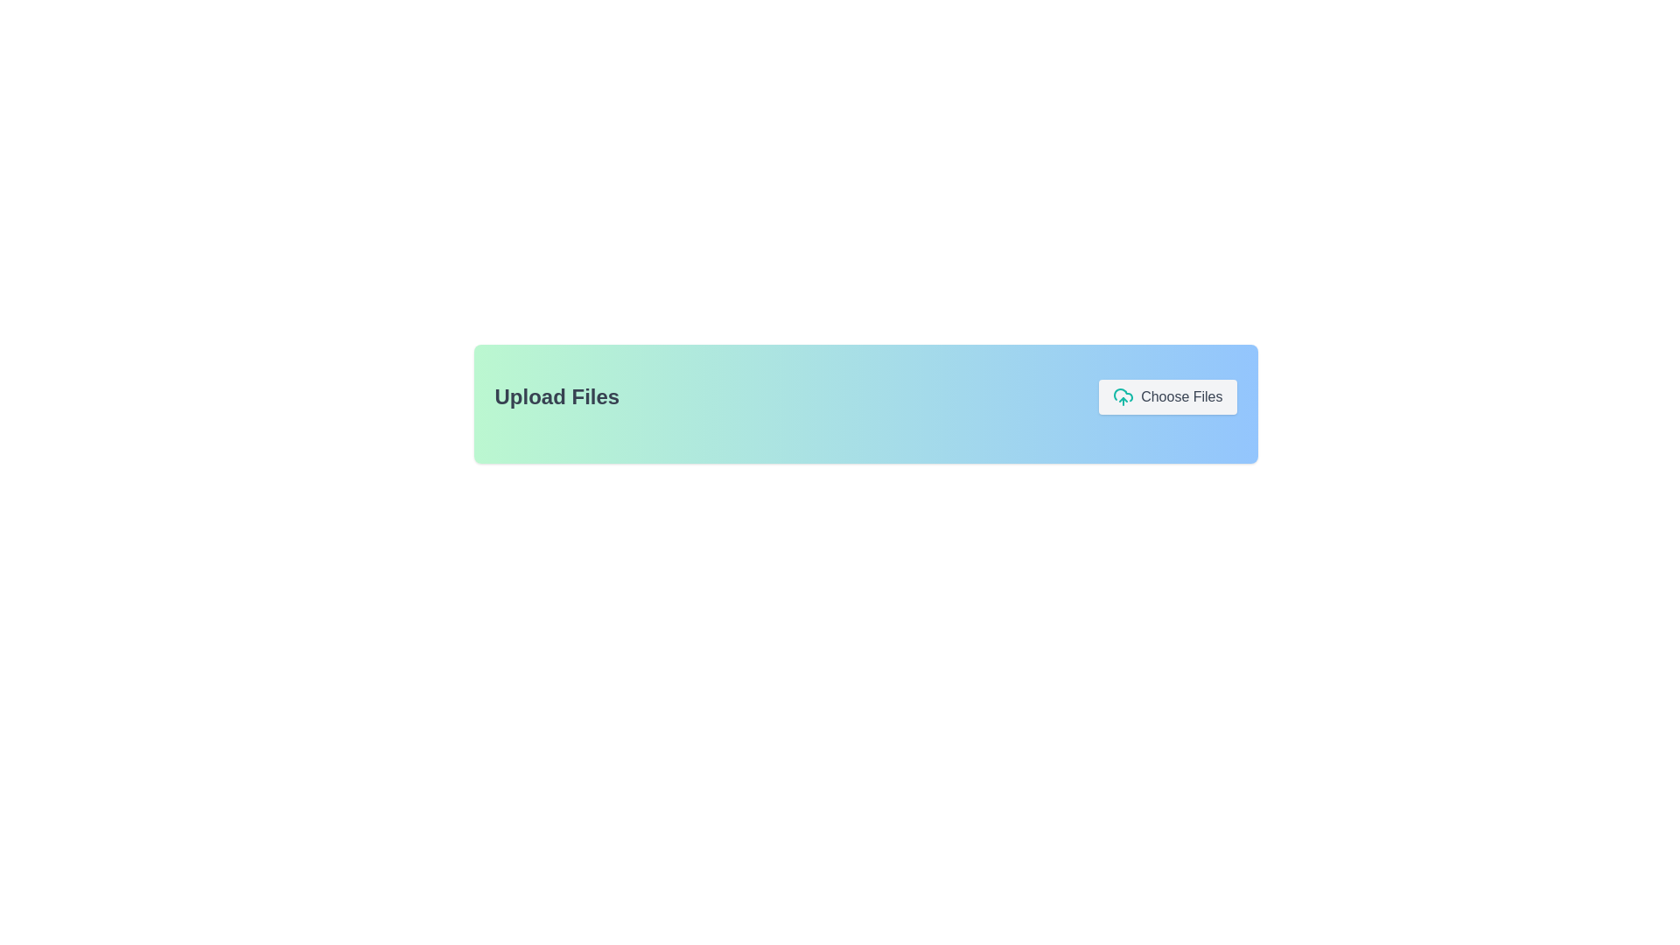 Image resolution: width=1680 pixels, height=945 pixels. What do you see at coordinates (556, 397) in the screenshot?
I see `the 'Upload Files' text element, which is styled in a large, bold font and is positioned prominently on a green-to-blue gradient background` at bounding box center [556, 397].